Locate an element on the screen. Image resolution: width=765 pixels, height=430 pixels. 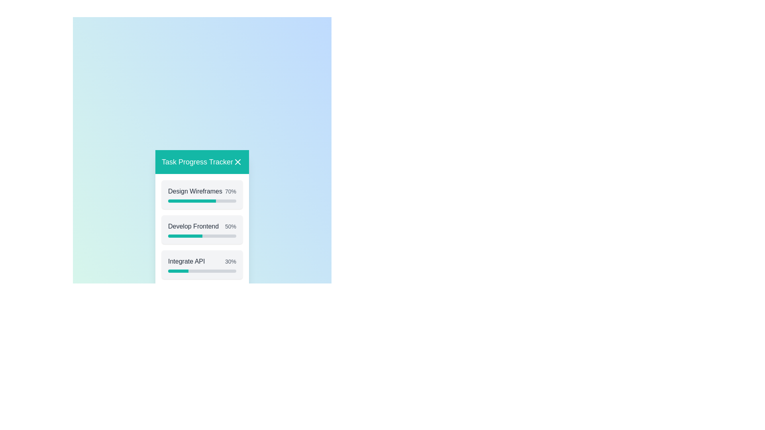
the progress bar of the task 'Develop Frontend' is located at coordinates (202, 235).